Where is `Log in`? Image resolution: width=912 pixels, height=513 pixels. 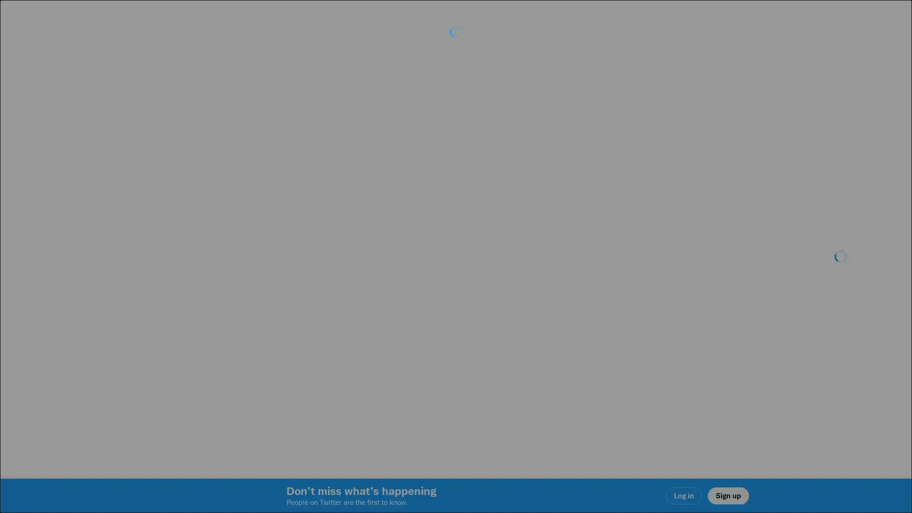 Log in is located at coordinates (570, 323).